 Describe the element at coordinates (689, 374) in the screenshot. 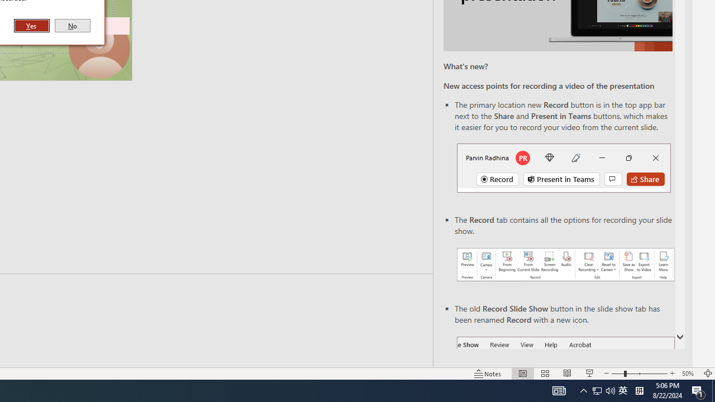

I see `'Zoom 50%'` at that location.